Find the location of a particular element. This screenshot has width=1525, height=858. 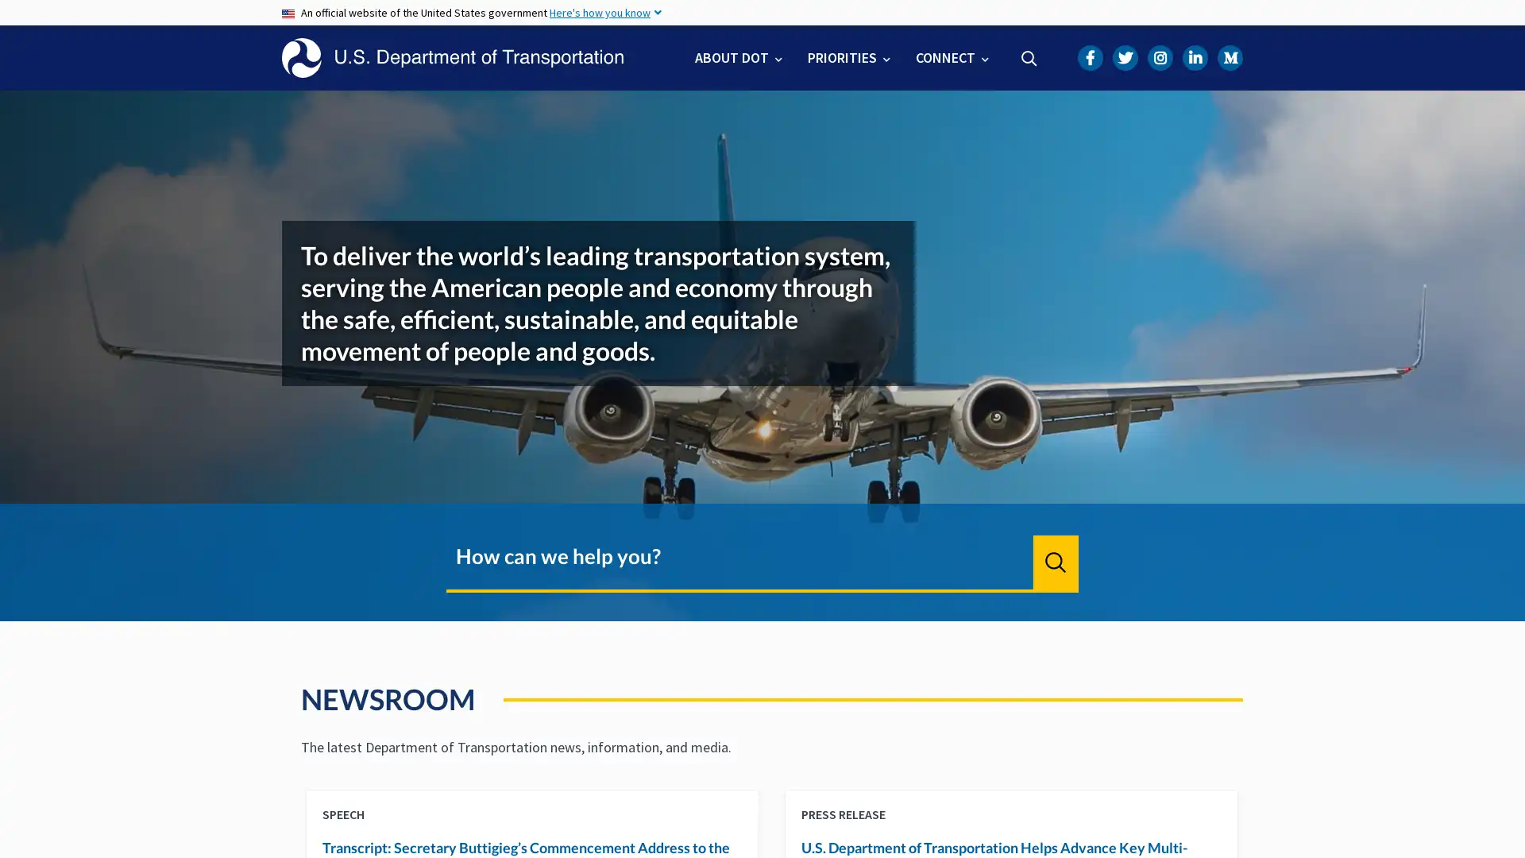

Search is located at coordinates (1056, 562).